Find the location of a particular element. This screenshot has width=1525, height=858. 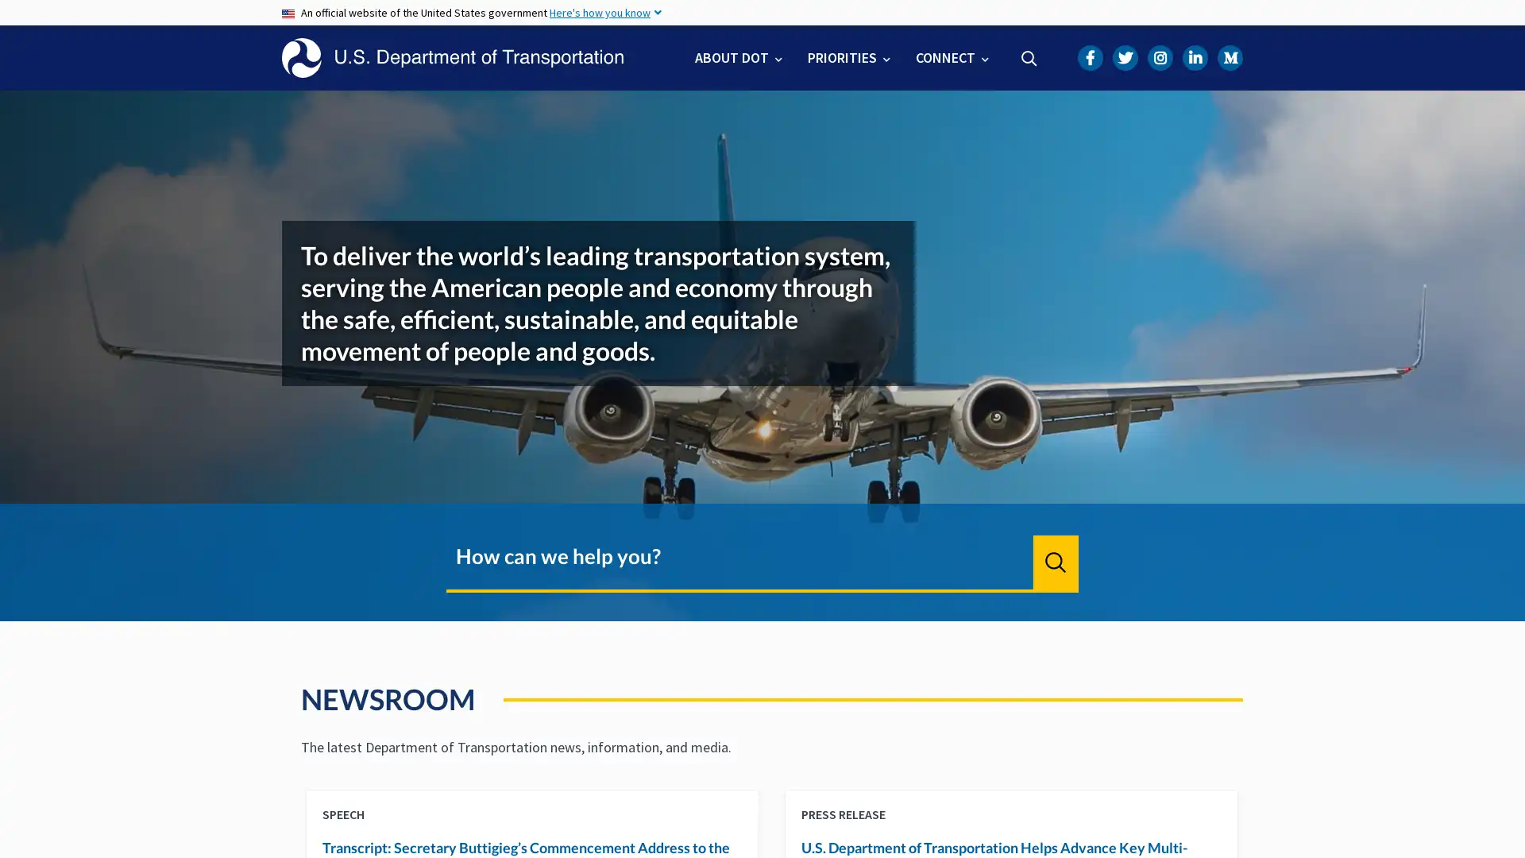

Search is located at coordinates (1056, 562).